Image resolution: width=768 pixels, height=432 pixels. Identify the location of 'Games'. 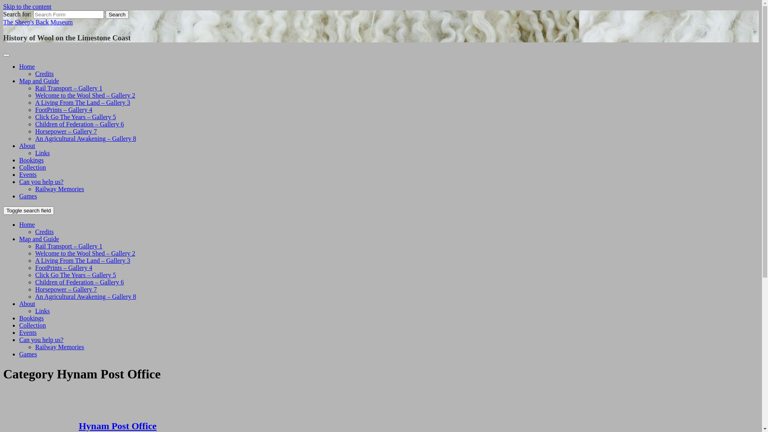
(28, 196).